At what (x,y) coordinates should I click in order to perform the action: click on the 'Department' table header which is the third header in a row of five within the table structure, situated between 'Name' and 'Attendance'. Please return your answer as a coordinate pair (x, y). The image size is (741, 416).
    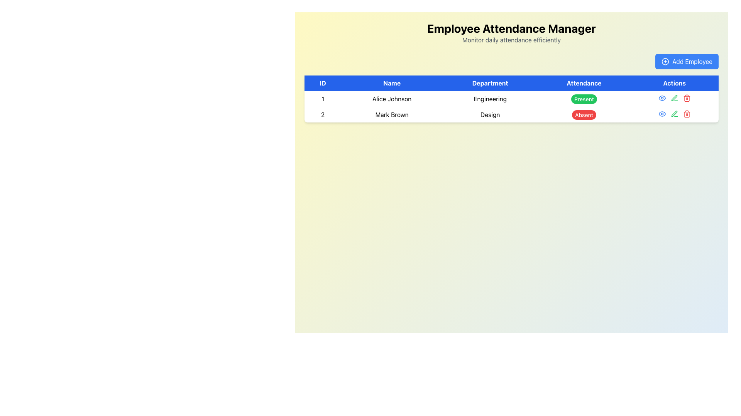
    Looking at the image, I should click on (490, 83).